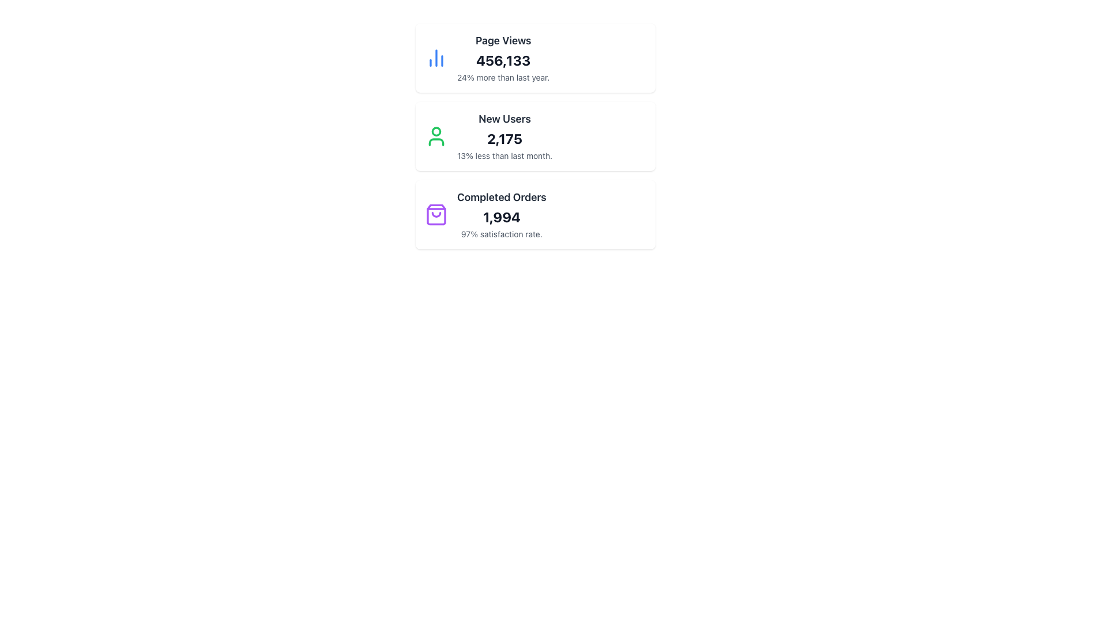 The width and height of the screenshot is (1107, 622). Describe the element at coordinates (504, 138) in the screenshot. I see `bold numerical value '2,175' displayed in a large font, which is centrally aligned within the information card, positioned below 'New Users'` at that location.